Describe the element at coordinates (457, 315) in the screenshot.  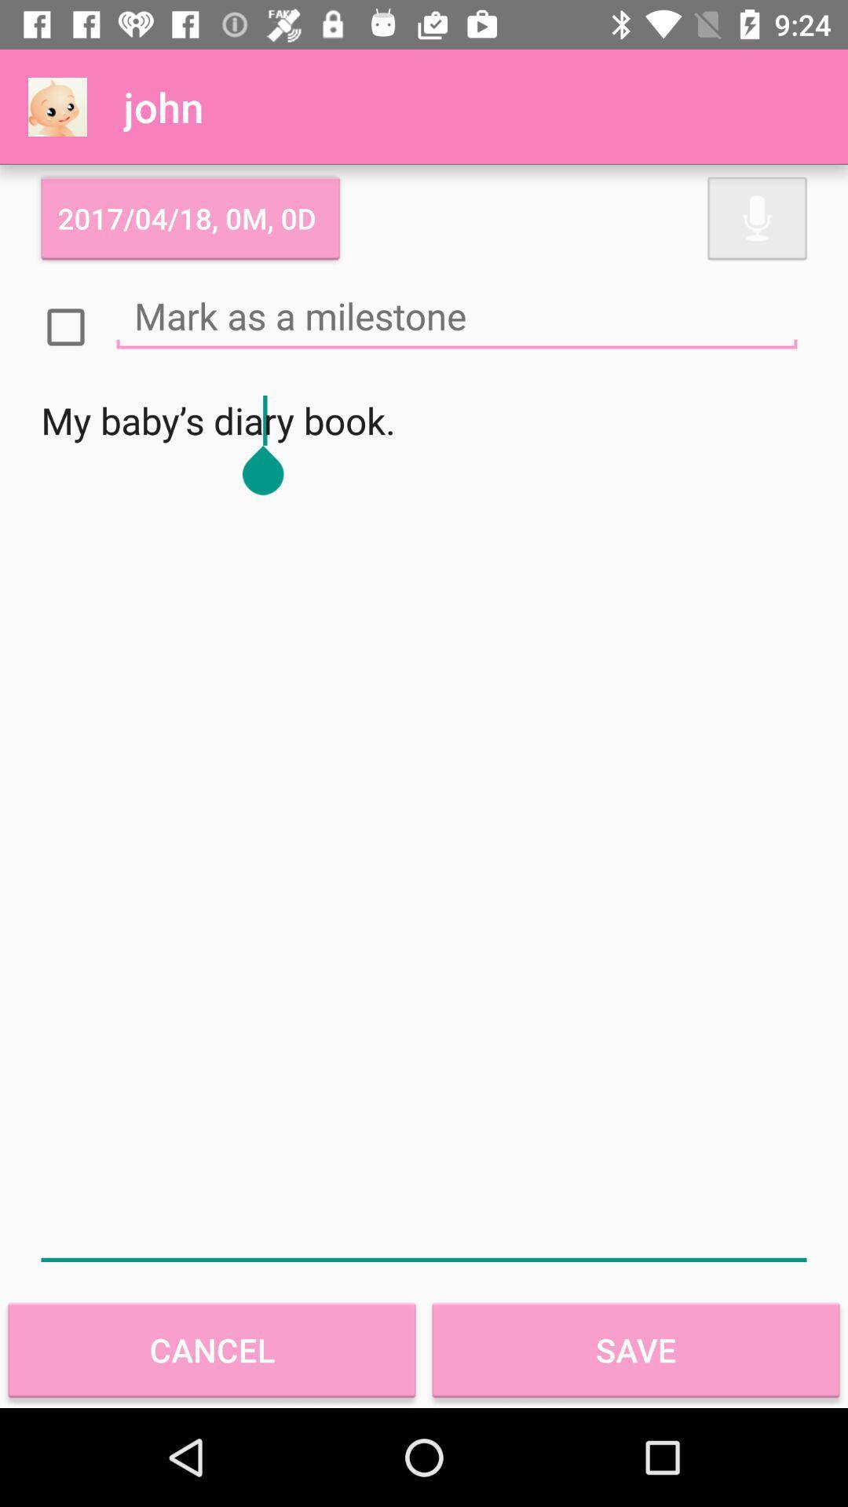
I see `notes typing option` at that location.